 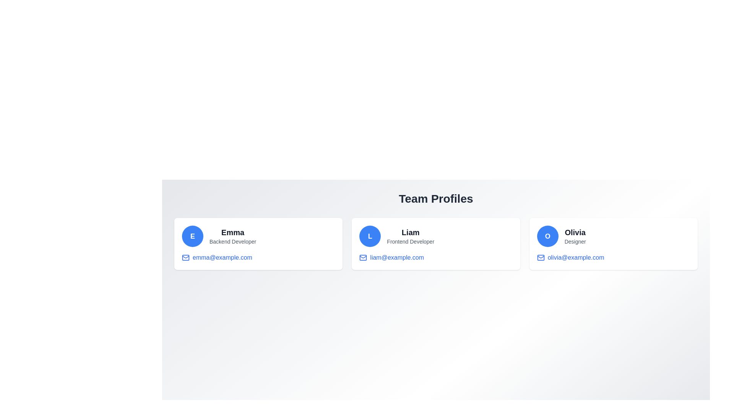 What do you see at coordinates (410, 232) in the screenshot?
I see `the text label displaying 'Liam' in bold, larger font, positioned in the middle card of three profile cards, located below the circular blue icon with 'L' and above the text 'Frontend Developer'` at bounding box center [410, 232].